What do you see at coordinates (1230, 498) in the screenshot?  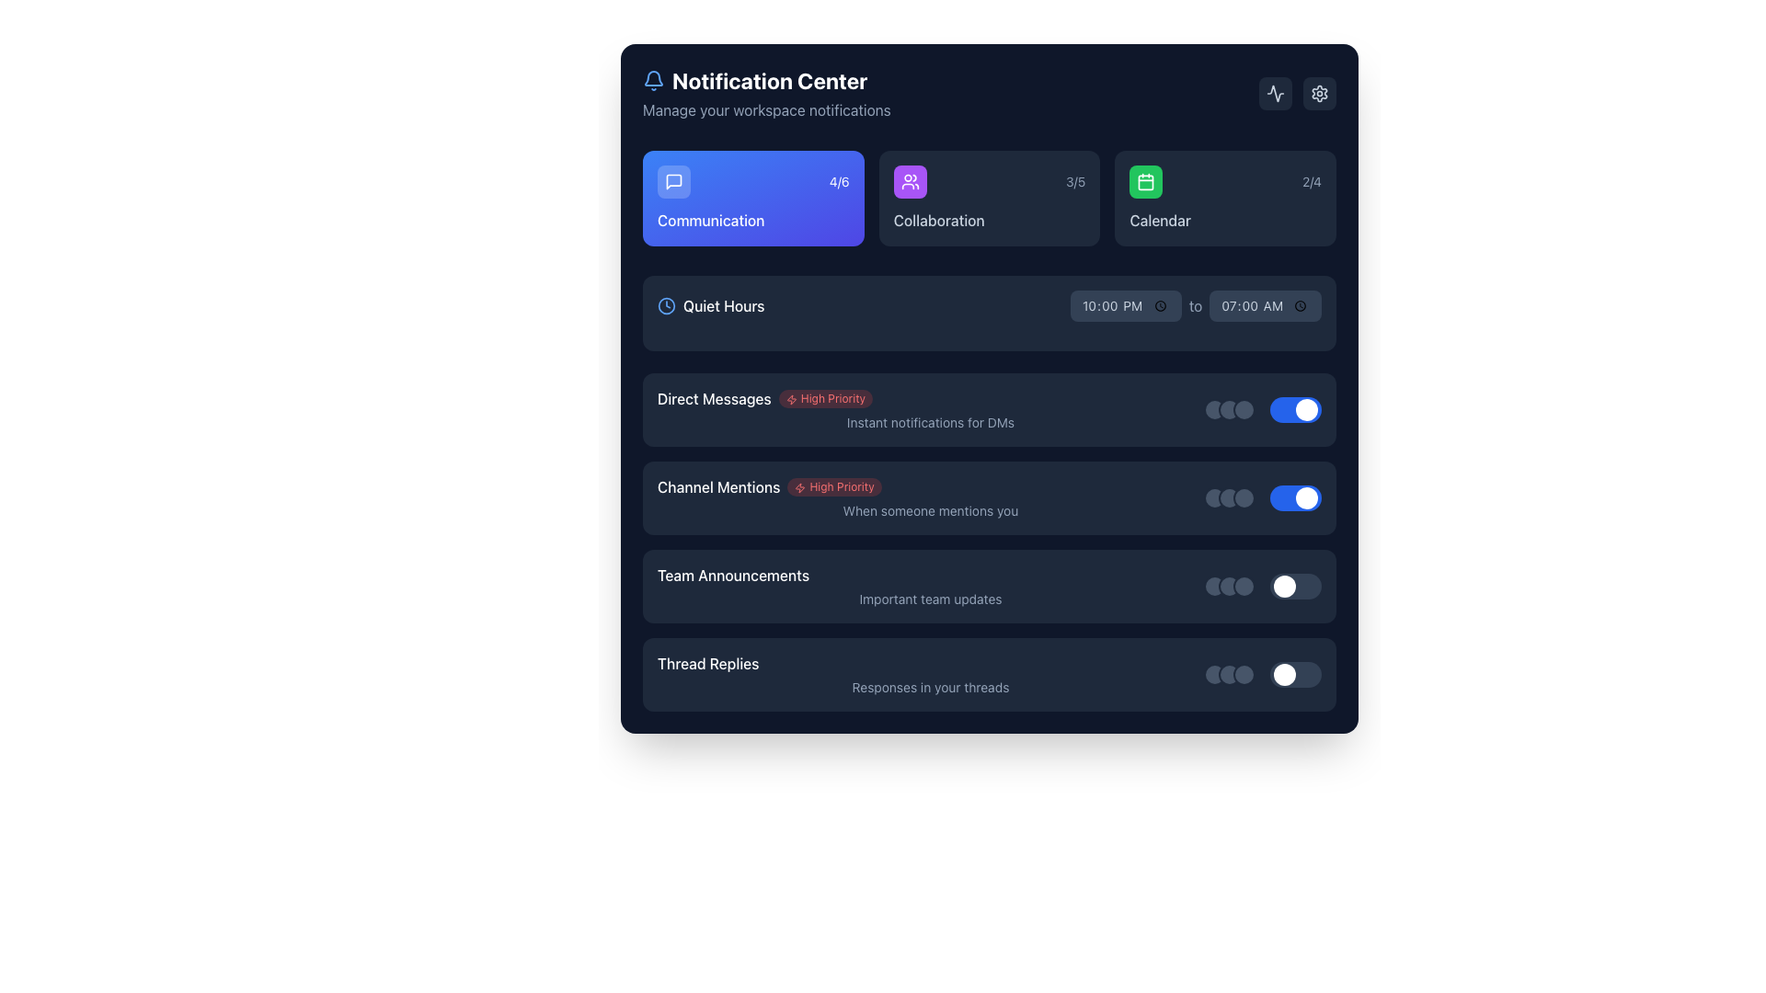 I see `the middle circular button in the group of three toggle options located in the right-hand section of the interface` at bounding box center [1230, 498].